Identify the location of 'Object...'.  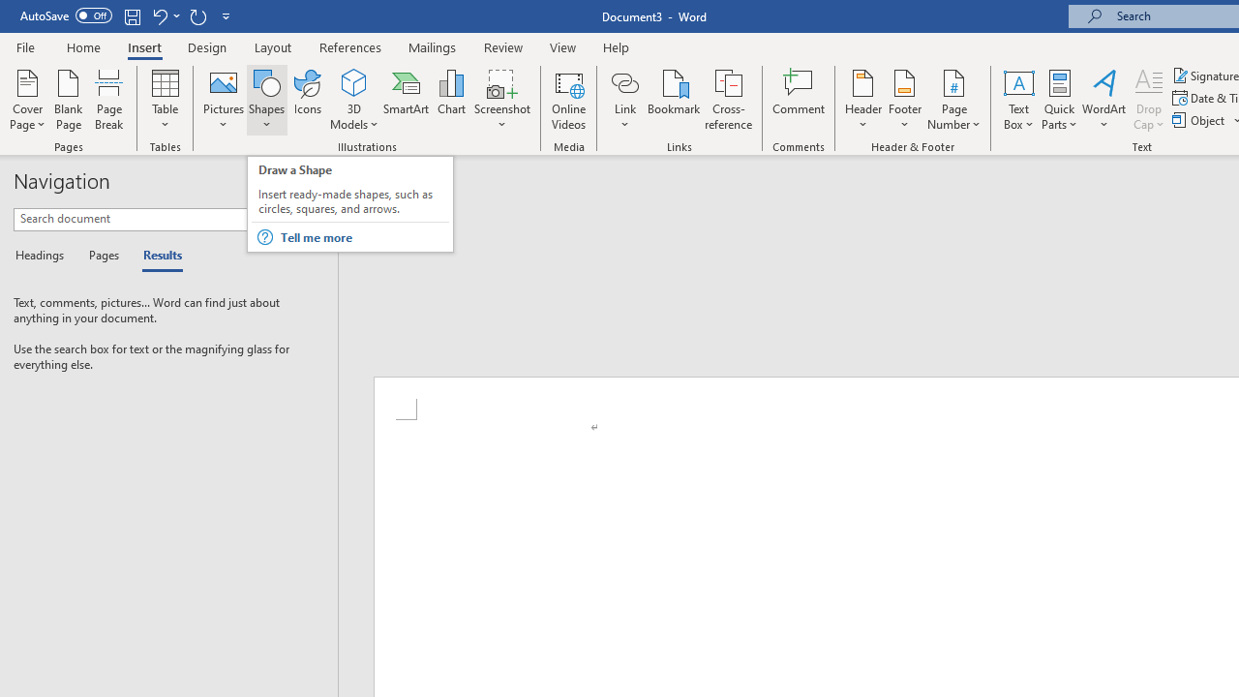
(1199, 120).